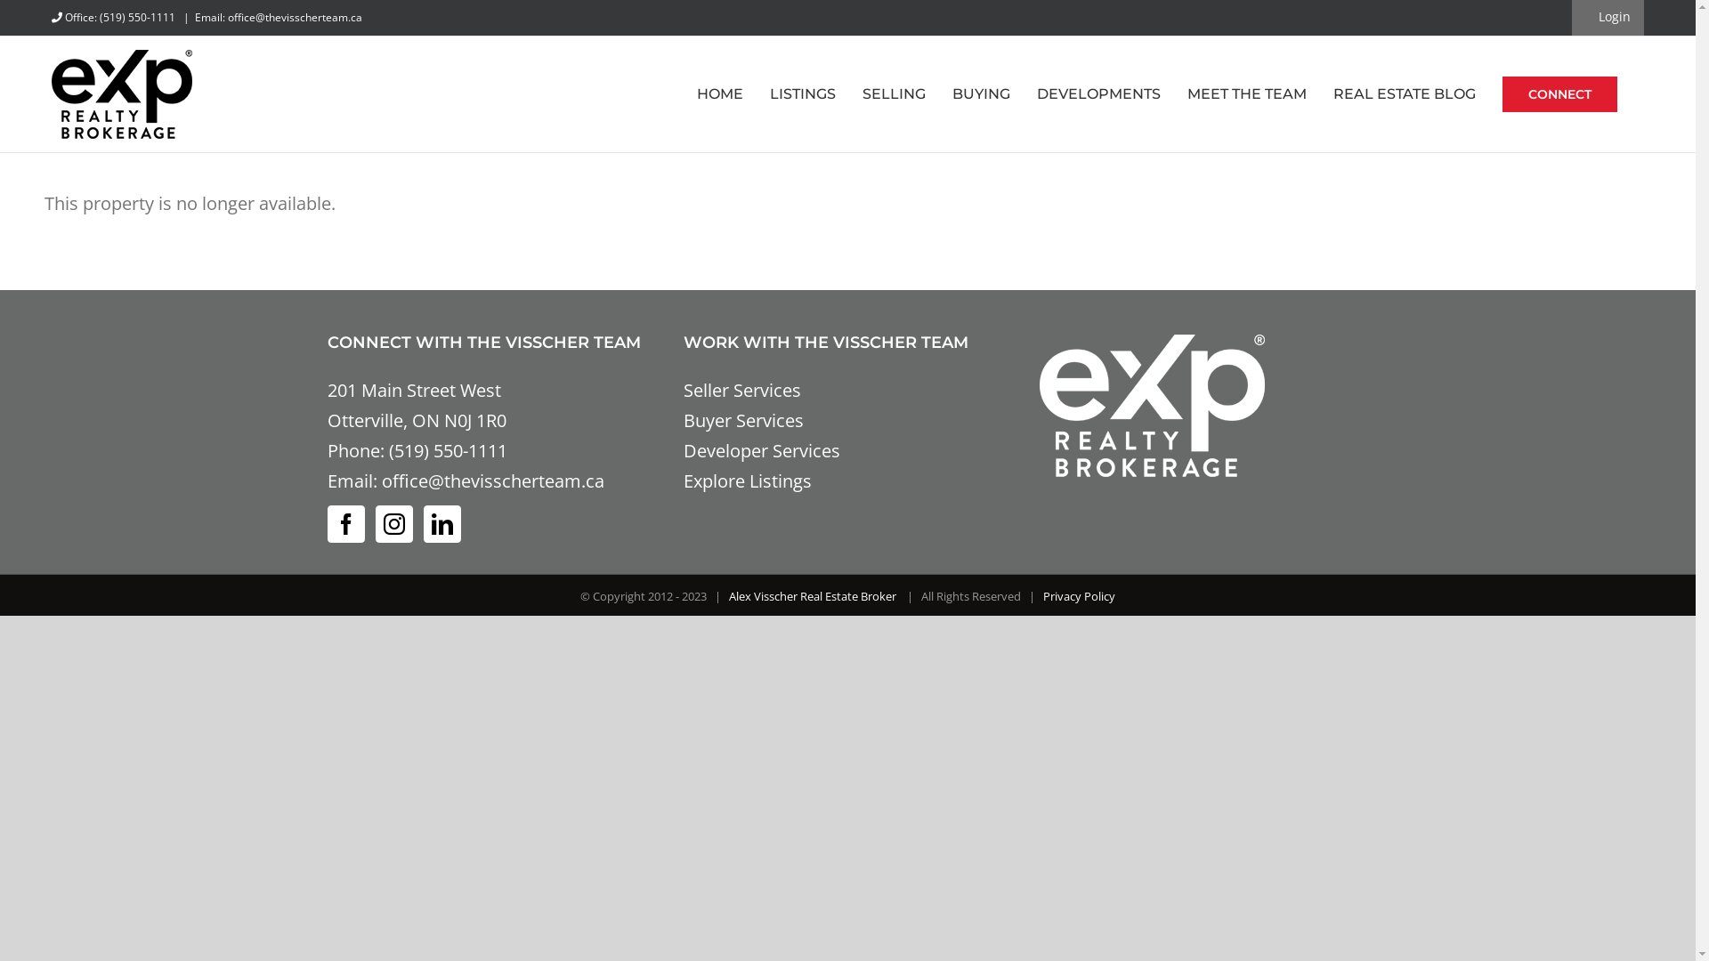  What do you see at coordinates (802, 93) in the screenshot?
I see `'LISTINGS'` at bounding box center [802, 93].